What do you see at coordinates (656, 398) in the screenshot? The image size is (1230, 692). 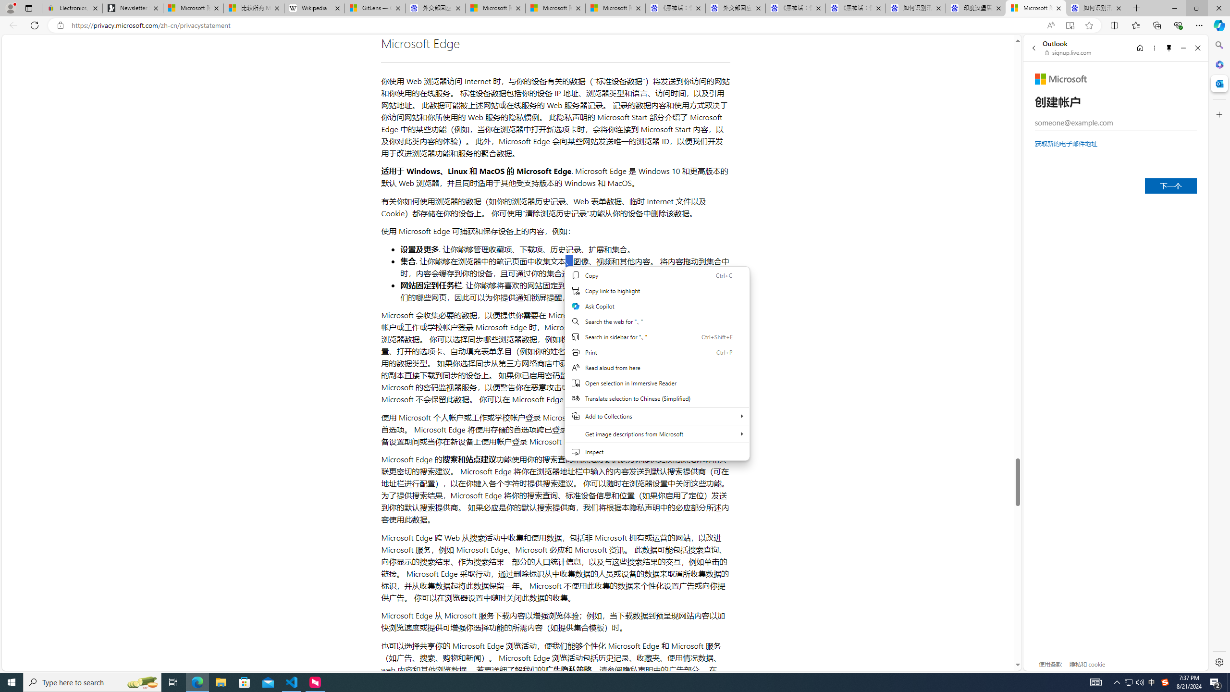 I see `'Translate selection to Chinese (Simplified)'` at bounding box center [656, 398].